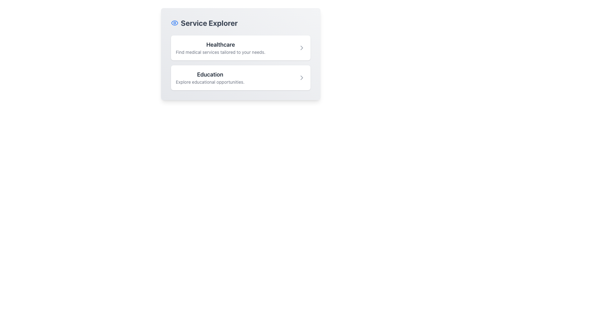 Image resolution: width=598 pixels, height=336 pixels. Describe the element at coordinates (210, 77) in the screenshot. I see `informational text block titled 'Education' located in the center of the second card, which is directly below the 'Healthcare' card` at that location.